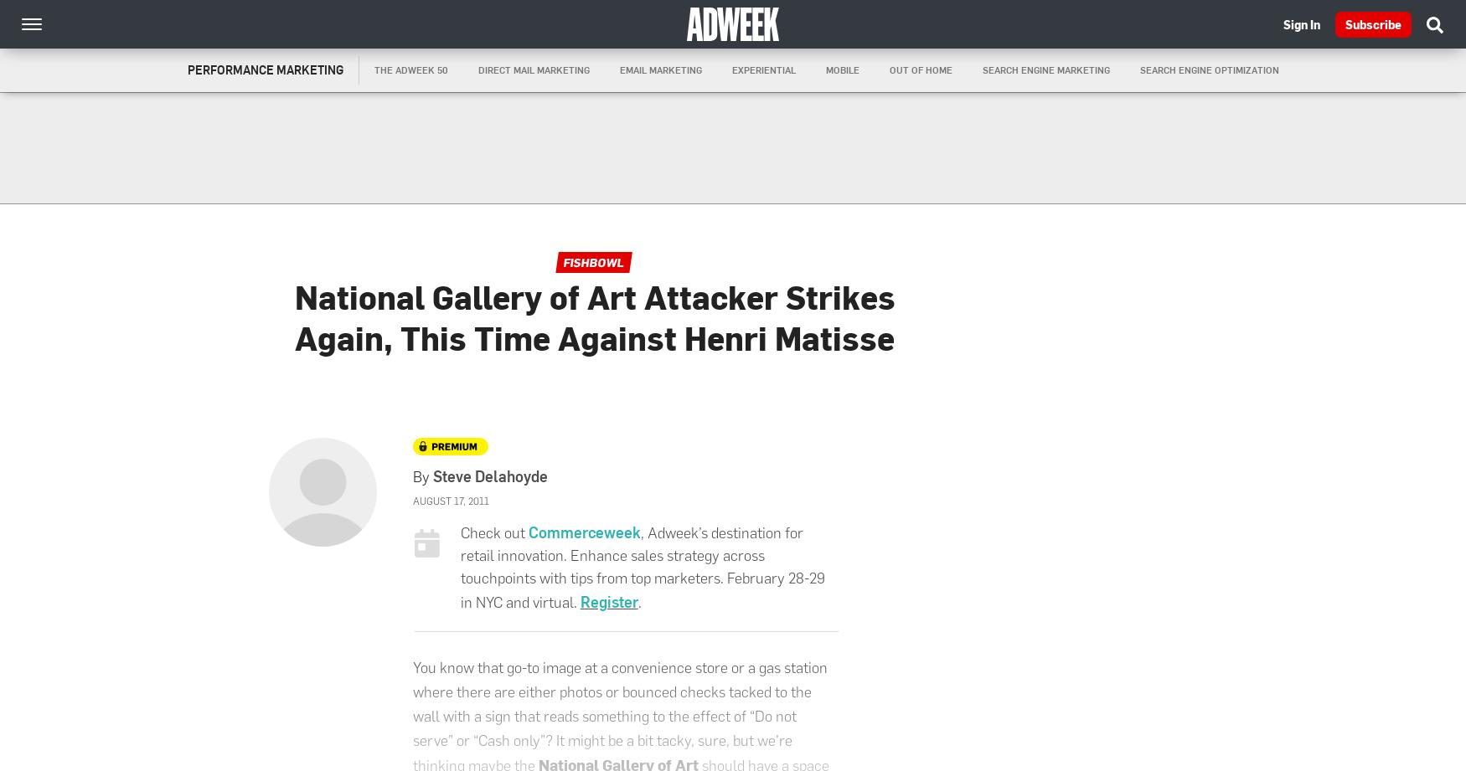  I want to click on 'Steve Delahoyde', so click(490, 474).